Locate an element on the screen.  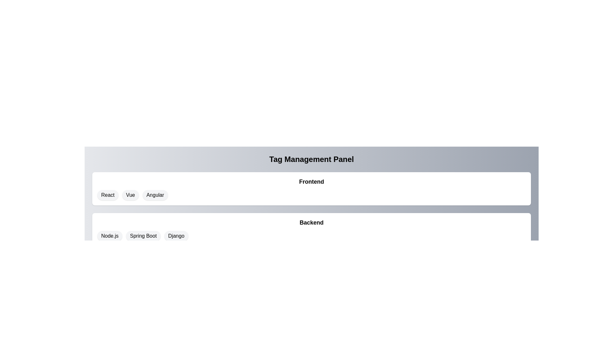
the 'Angular' button in the 'Tag Management Panel' is located at coordinates (155, 195).